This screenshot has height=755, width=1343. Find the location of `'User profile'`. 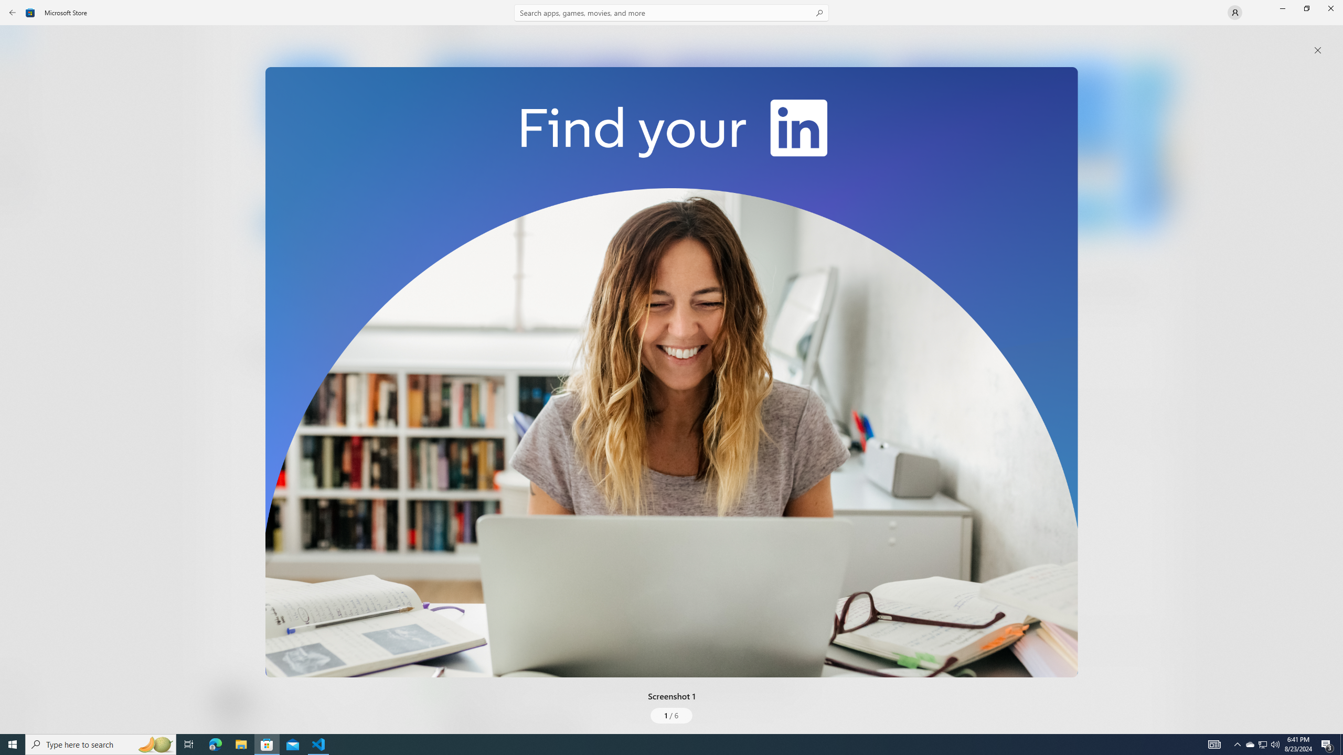

'User profile' is located at coordinates (1234, 12).